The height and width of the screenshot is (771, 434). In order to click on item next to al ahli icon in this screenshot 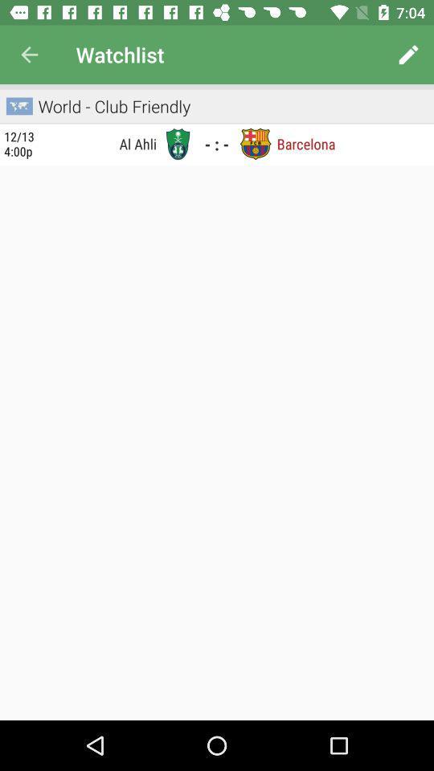, I will do `click(18, 143)`.